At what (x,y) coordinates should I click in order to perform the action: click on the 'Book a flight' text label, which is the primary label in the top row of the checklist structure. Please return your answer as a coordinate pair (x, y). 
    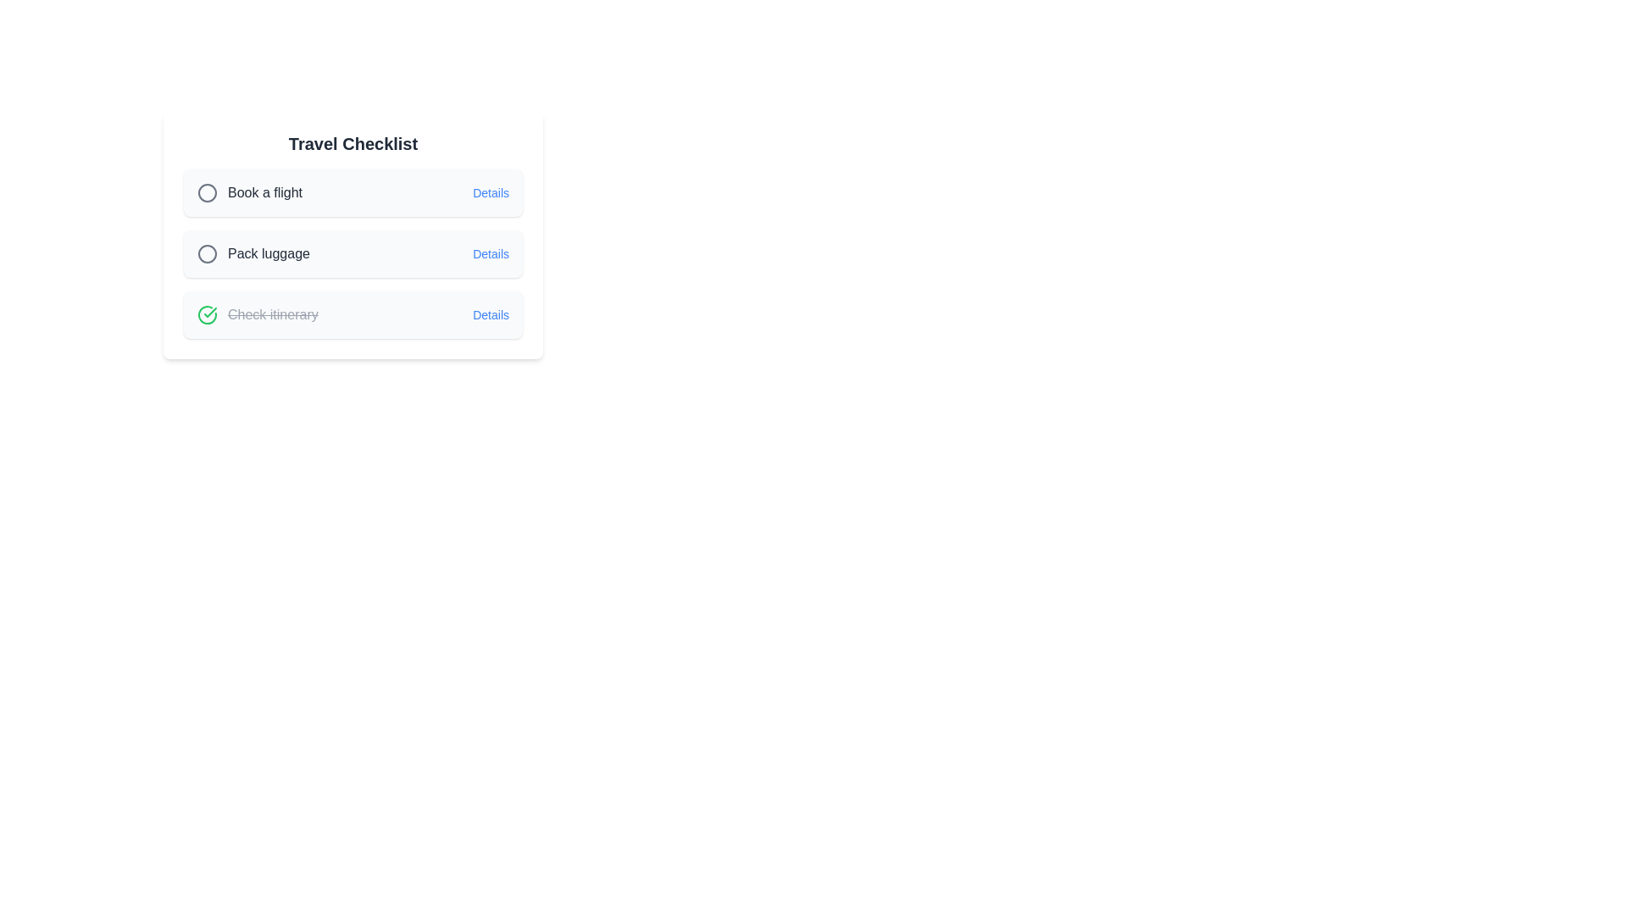
    Looking at the image, I should click on (249, 191).